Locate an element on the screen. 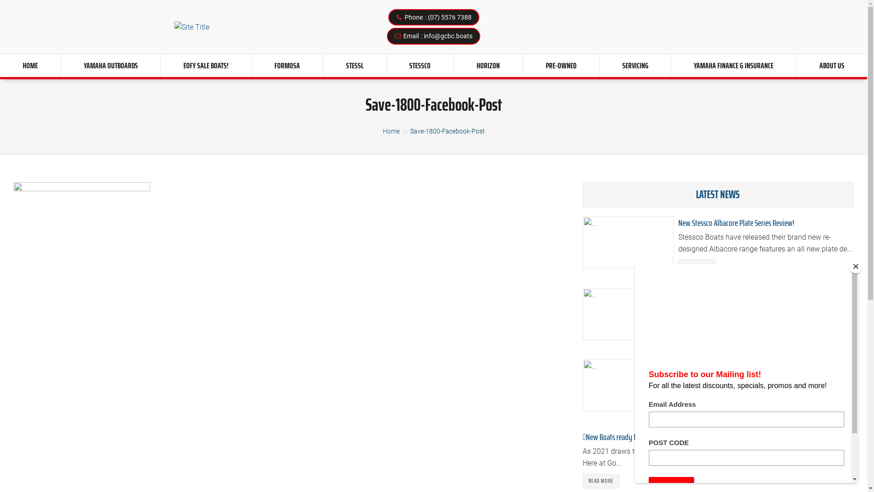 The image size is (874, 492). 'FORMOSA' is located at coordinates (286, 65).